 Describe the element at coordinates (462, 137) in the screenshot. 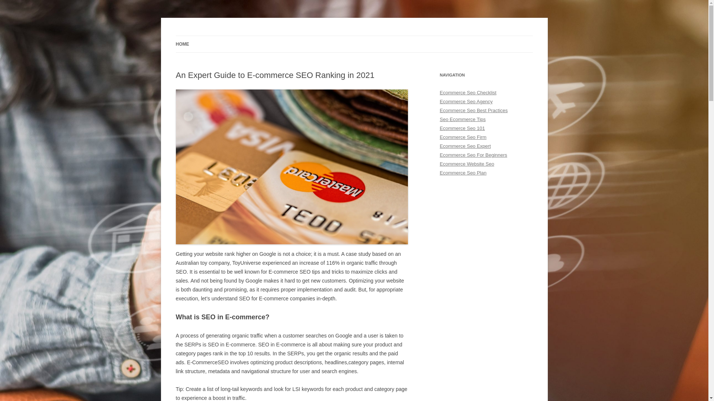

I see `'Ecommerce Seo Firm'` at that location.